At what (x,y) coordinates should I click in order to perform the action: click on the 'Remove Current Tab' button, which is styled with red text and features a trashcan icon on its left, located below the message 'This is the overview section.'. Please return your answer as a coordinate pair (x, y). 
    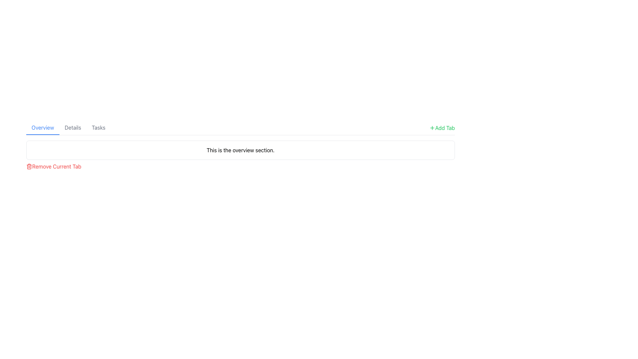
    Looking at the image, I should click on (53, 166).